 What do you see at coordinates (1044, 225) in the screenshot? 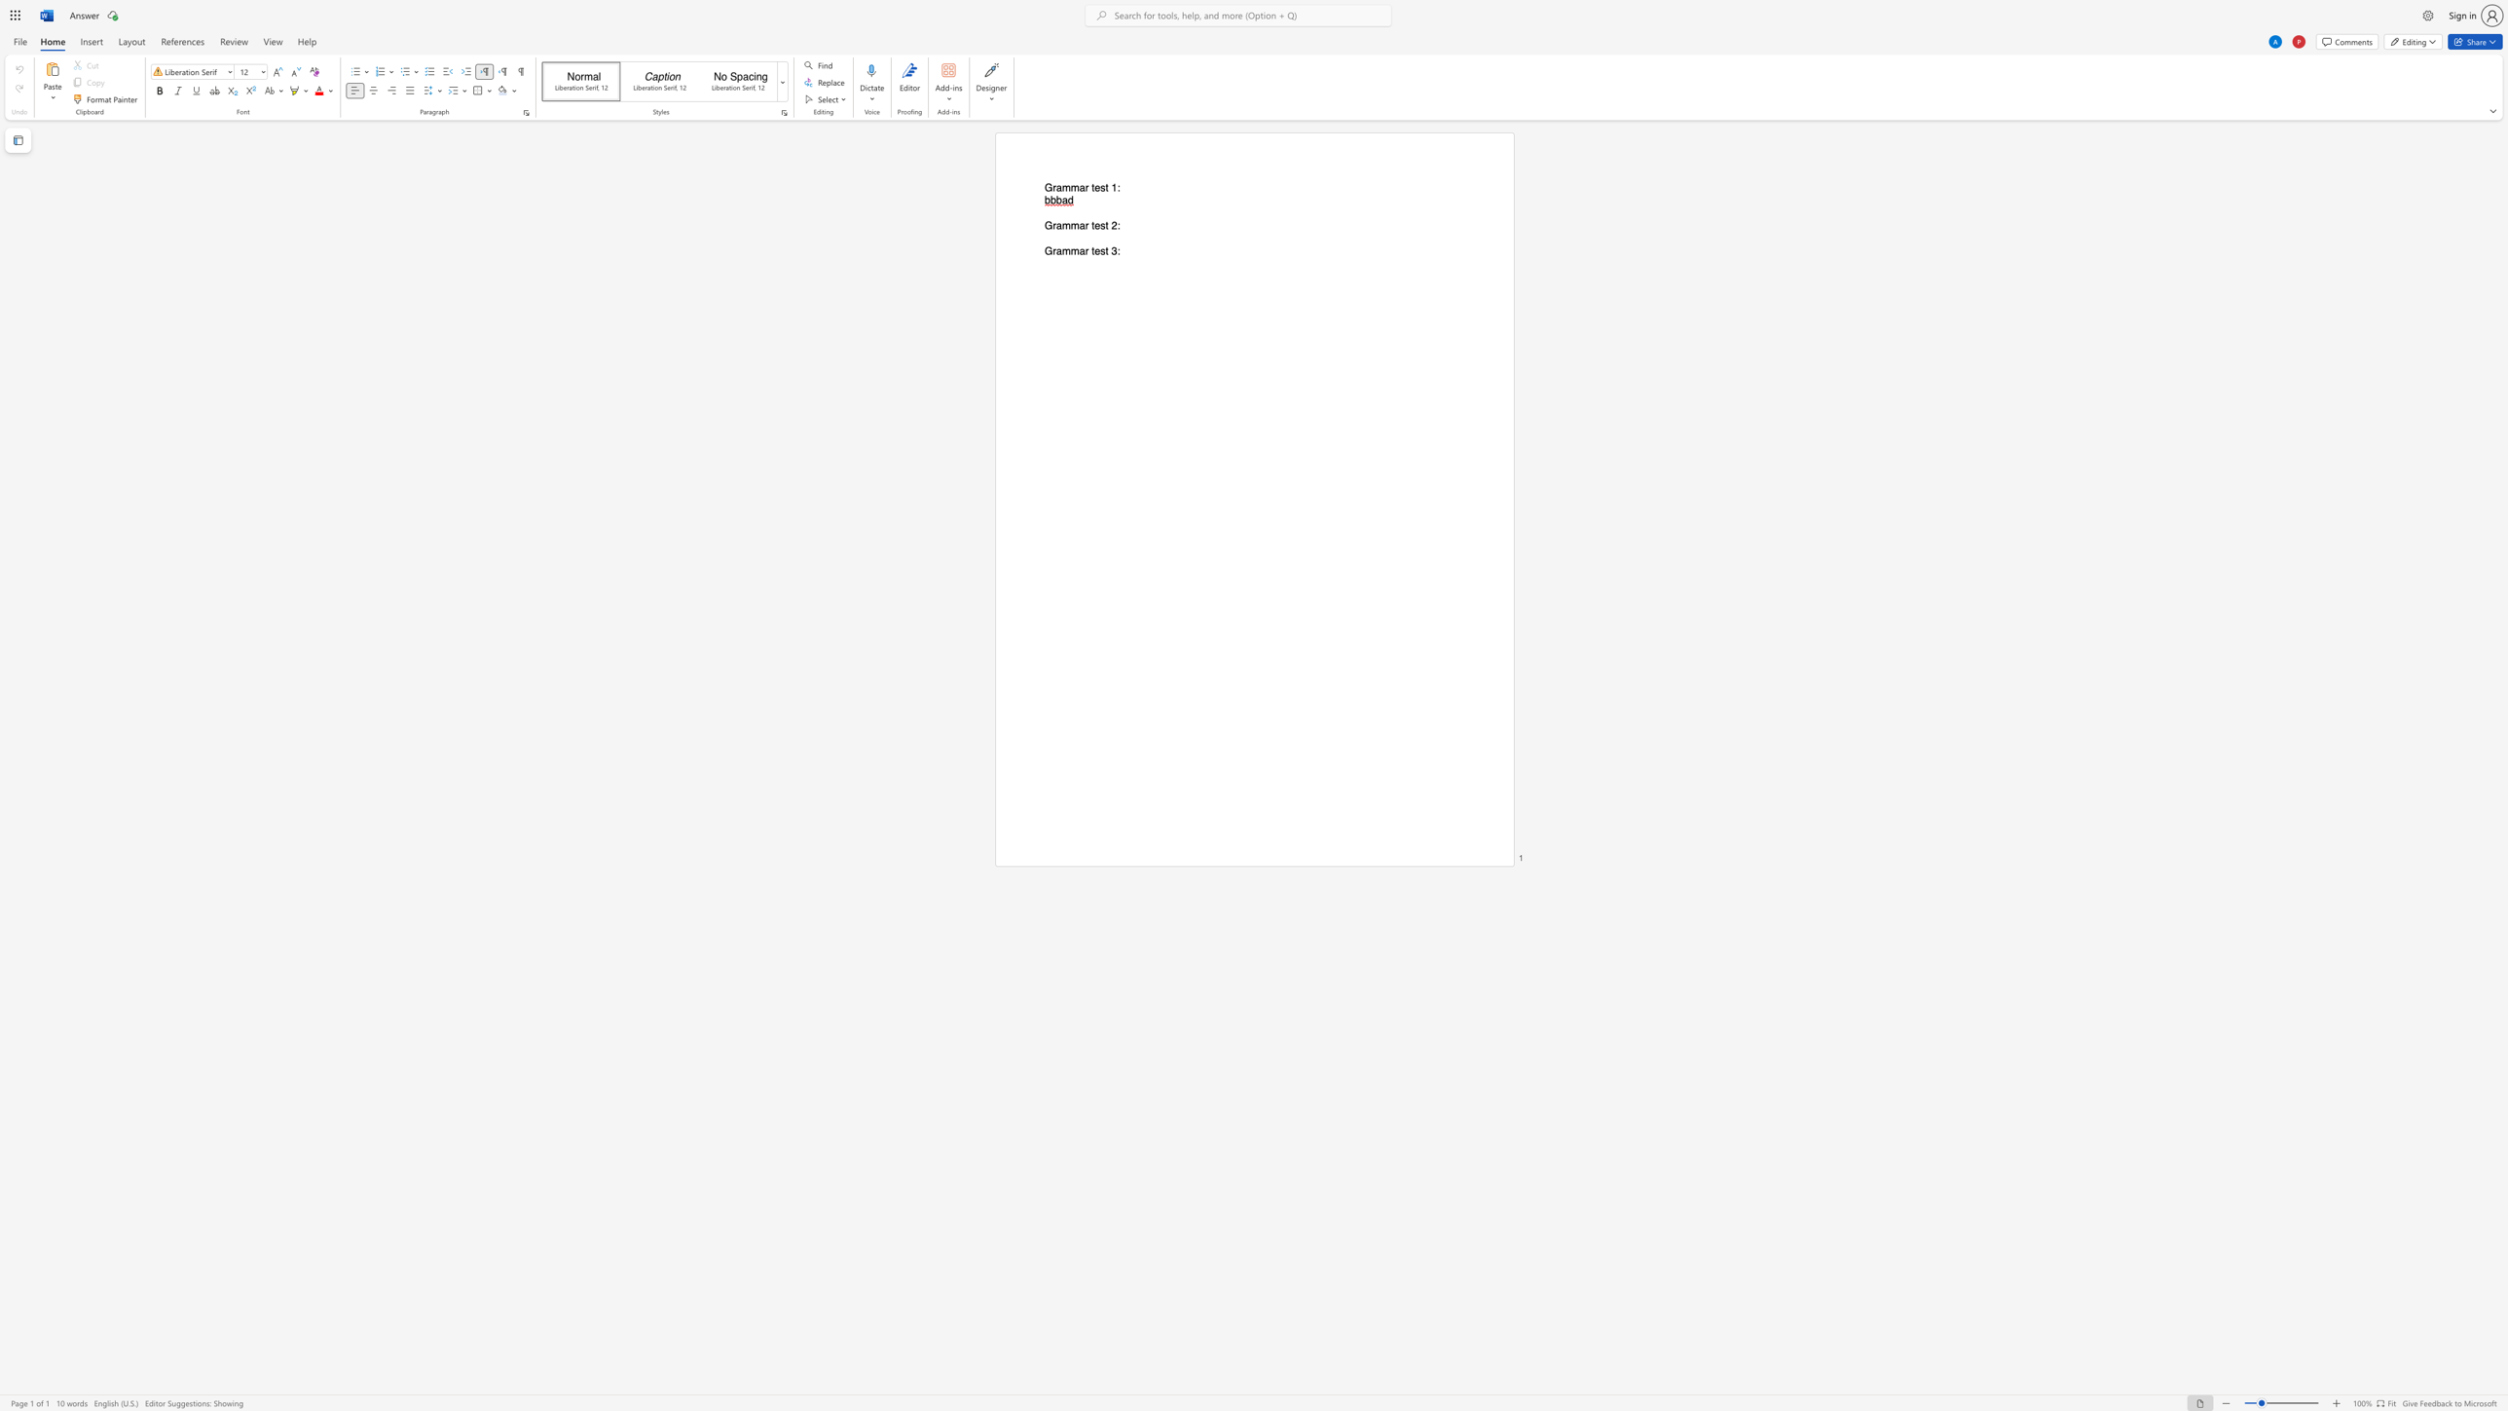
I see `the subset text "Gram" within the text "Grammar test 2:"` at bounding box center [1044, 225].